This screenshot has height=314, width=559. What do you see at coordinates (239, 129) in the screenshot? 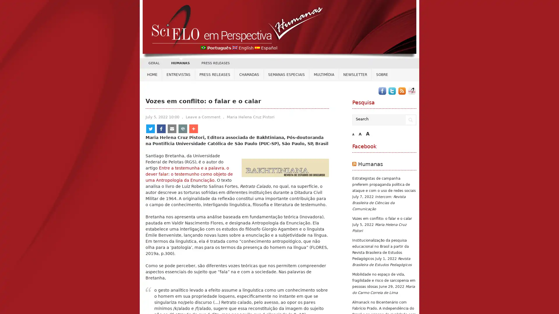
I see `Share to Print Print` at bounding box center [239, 129].